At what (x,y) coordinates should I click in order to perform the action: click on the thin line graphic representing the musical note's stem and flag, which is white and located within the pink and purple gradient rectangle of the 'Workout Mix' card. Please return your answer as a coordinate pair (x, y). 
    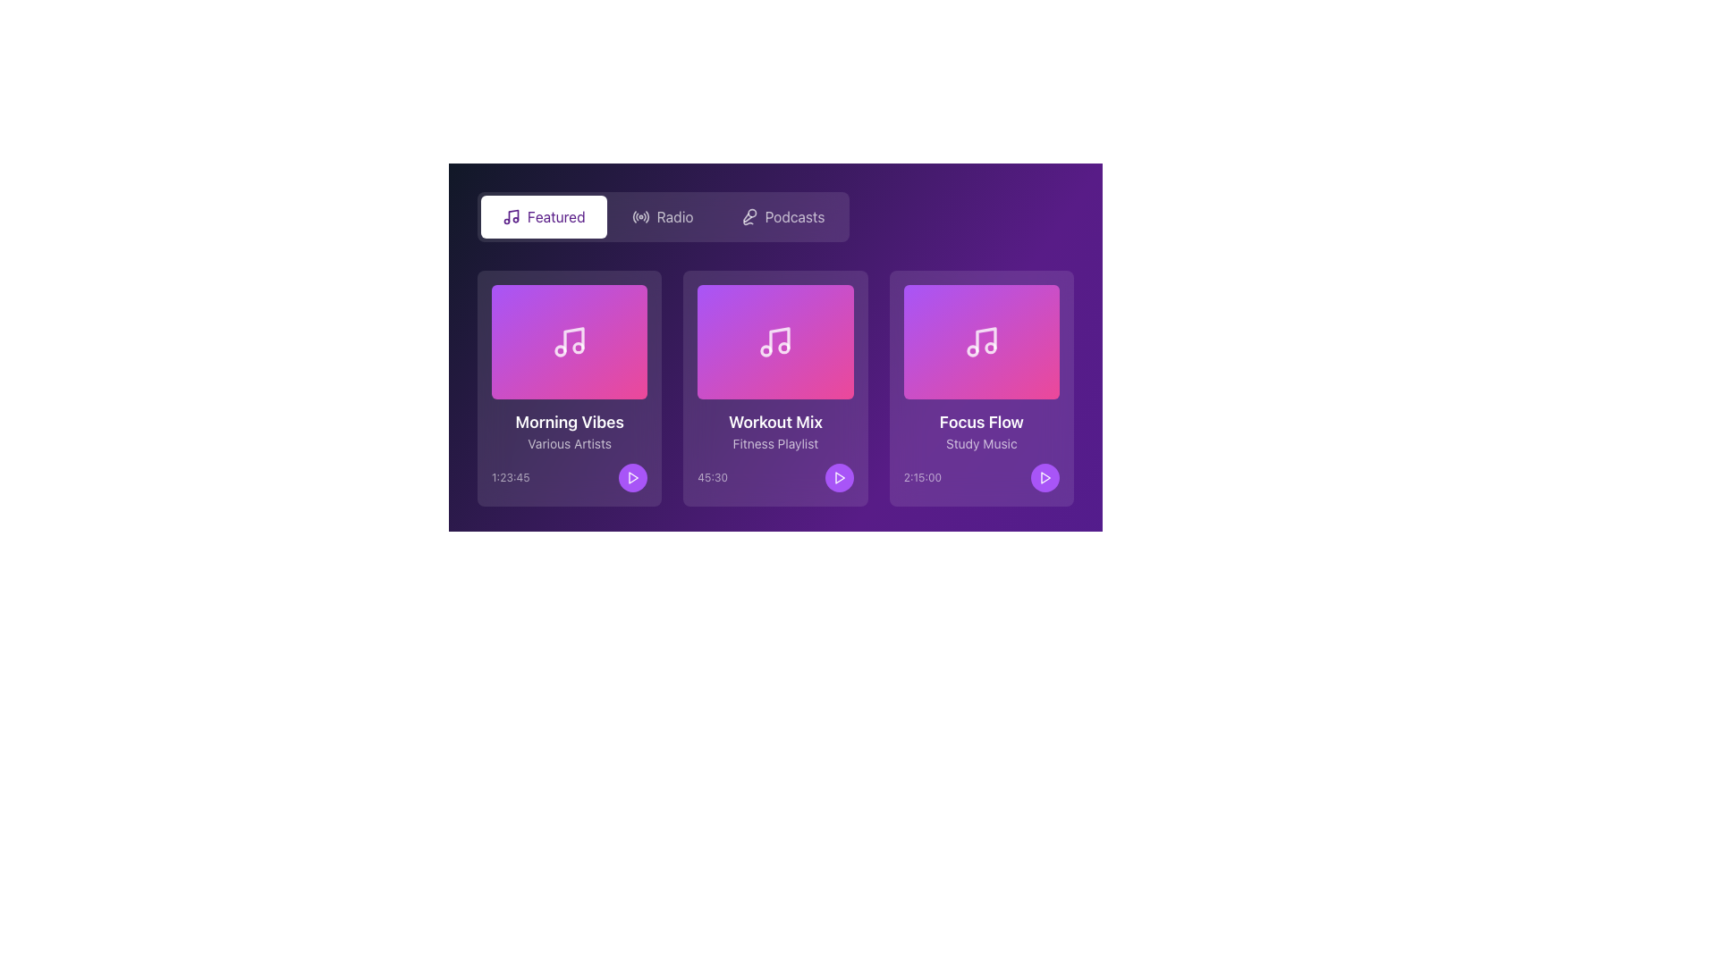
    Looking at the image, I should click on (780, 340).